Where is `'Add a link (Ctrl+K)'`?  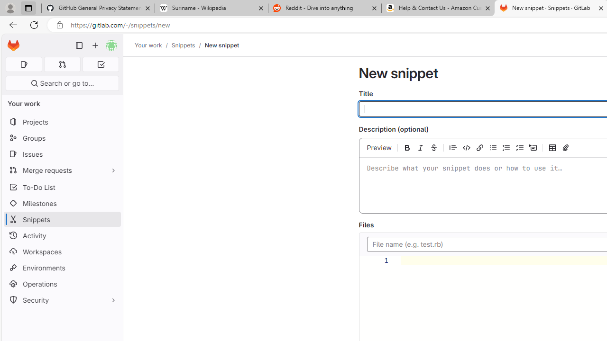 'Add a link (Ctrl+K)' is located at coordinates (479, 147).